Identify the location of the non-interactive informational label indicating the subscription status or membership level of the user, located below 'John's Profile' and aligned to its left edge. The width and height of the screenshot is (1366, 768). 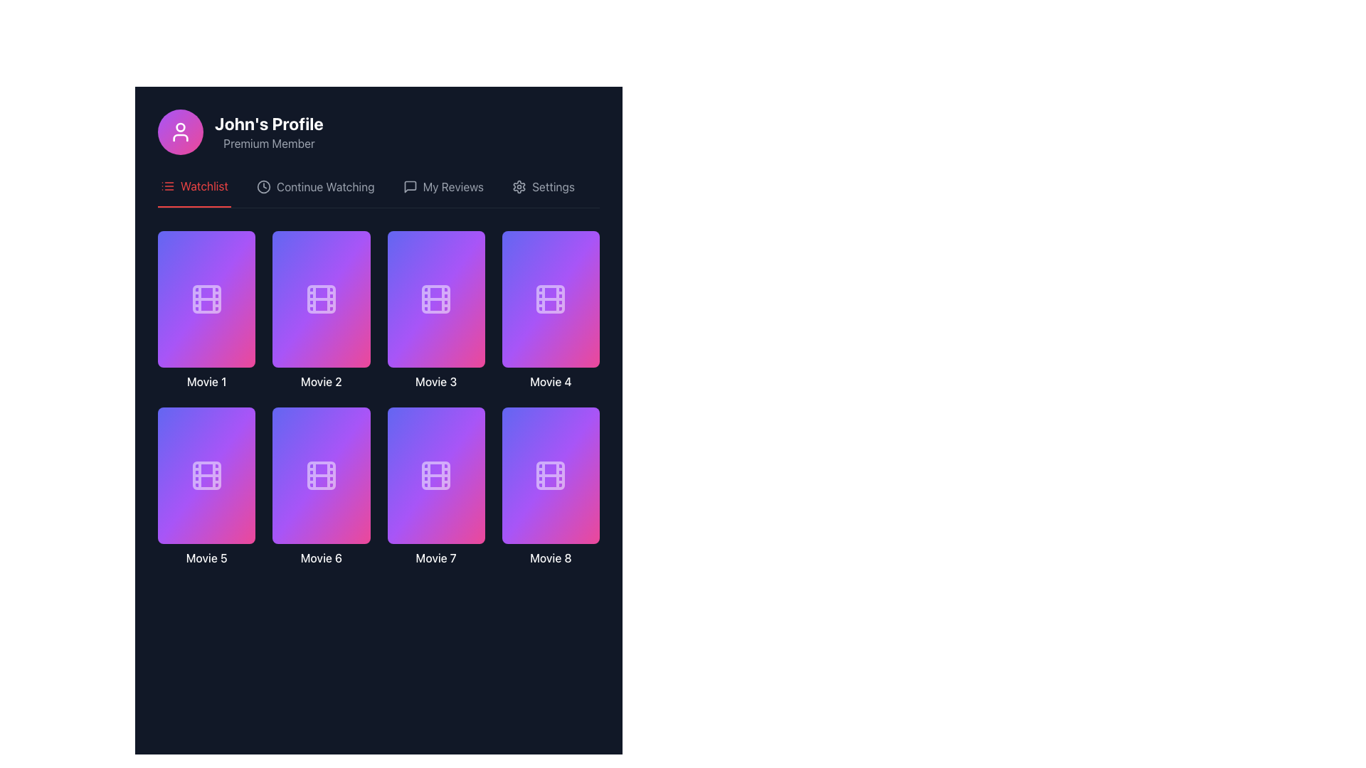
(269, 143).